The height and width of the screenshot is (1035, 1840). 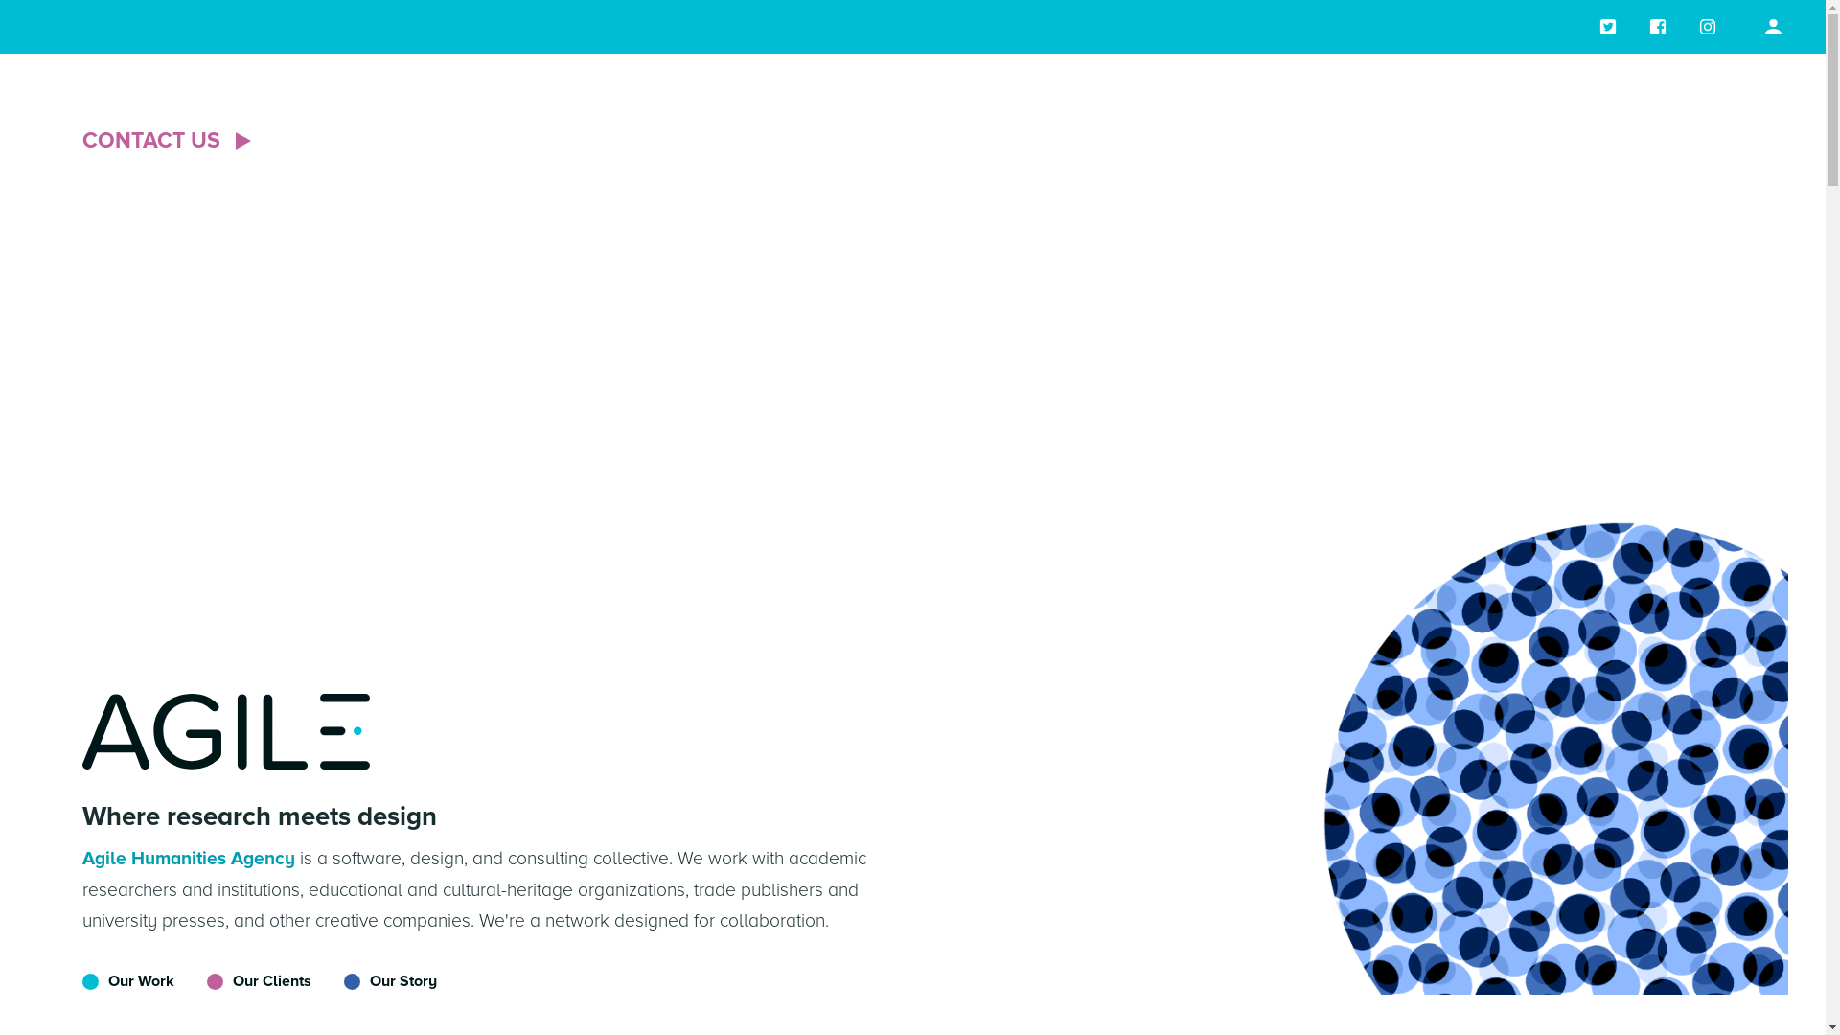 What do you see at coordinates (170, 140) in the screenshot?
I see `'CONTACT US'` at bounding box center [170, 140].